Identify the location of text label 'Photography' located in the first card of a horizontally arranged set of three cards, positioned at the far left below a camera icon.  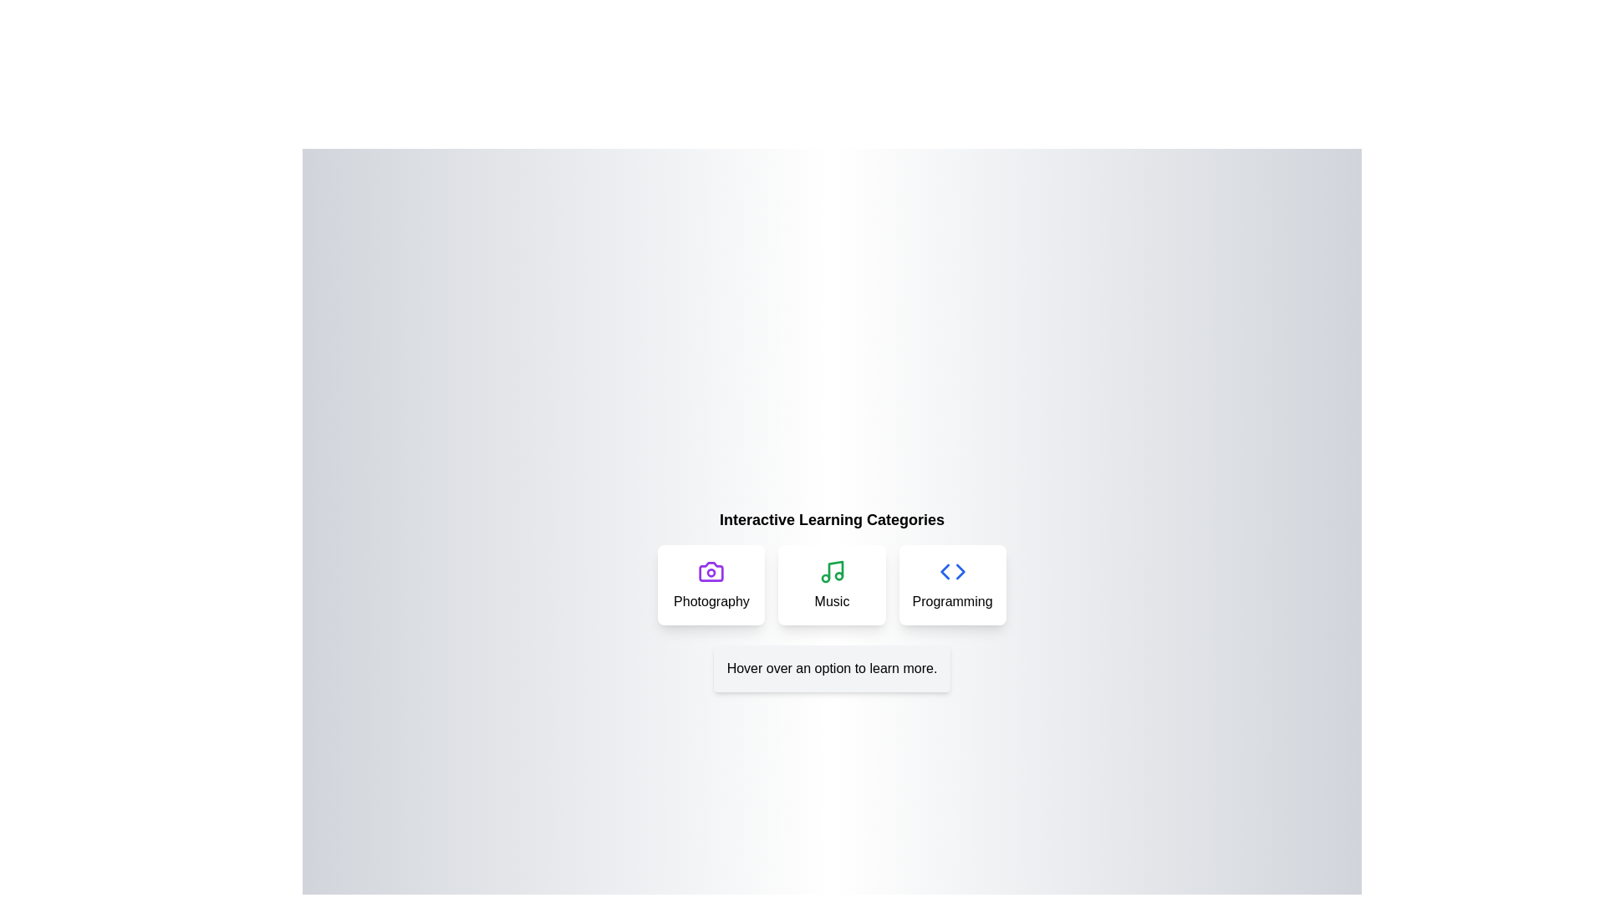
(711, 602).